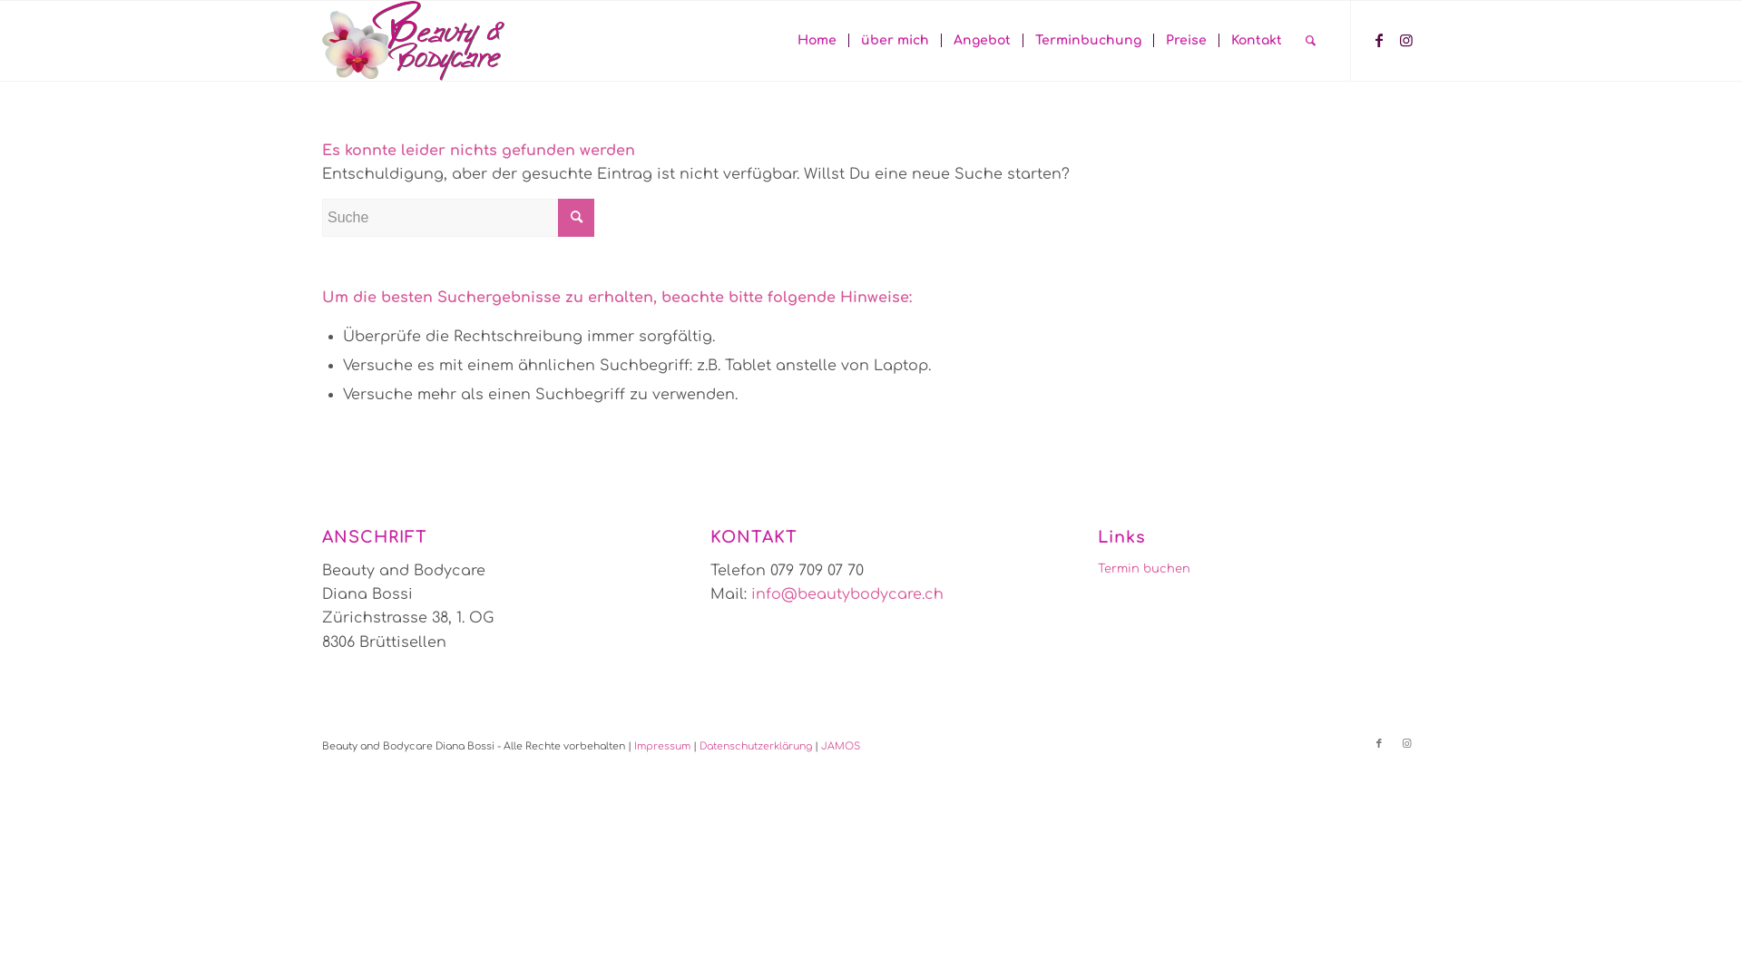 The height and width of the screenshot is (980, 1742). What do you see at coordinates (1088, 41) in the screenshot?
I see `'Terminbuchung'` at bounding box center [1088, 41].